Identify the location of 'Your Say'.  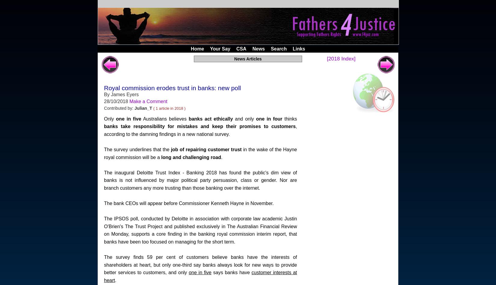
(219, 48).